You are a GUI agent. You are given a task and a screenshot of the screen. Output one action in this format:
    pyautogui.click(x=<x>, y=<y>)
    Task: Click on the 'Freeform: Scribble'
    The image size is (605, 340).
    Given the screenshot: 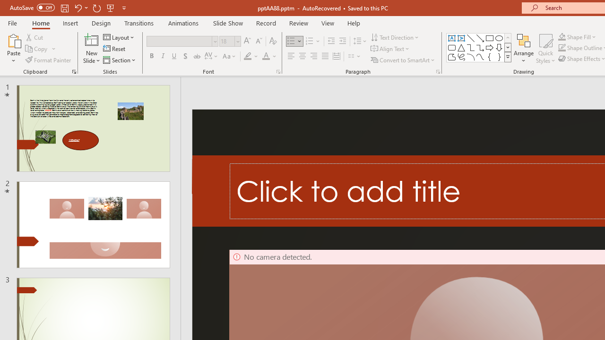 What is the action you would take?
    pyautogui.click(x=461, y=57)
    